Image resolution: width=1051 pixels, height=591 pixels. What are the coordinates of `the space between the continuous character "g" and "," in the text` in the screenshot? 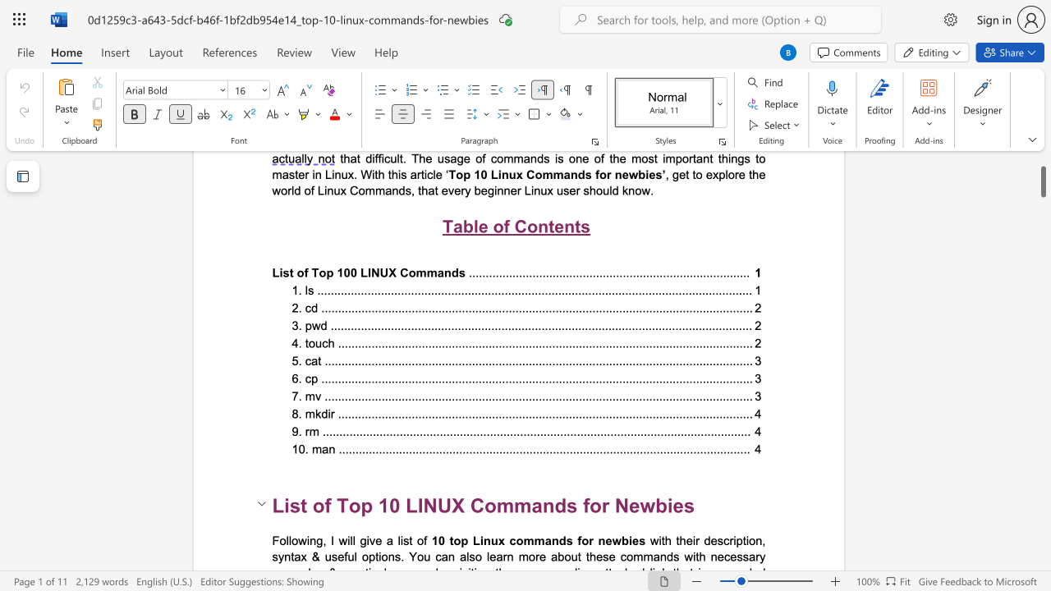 It's located at (322, 540).